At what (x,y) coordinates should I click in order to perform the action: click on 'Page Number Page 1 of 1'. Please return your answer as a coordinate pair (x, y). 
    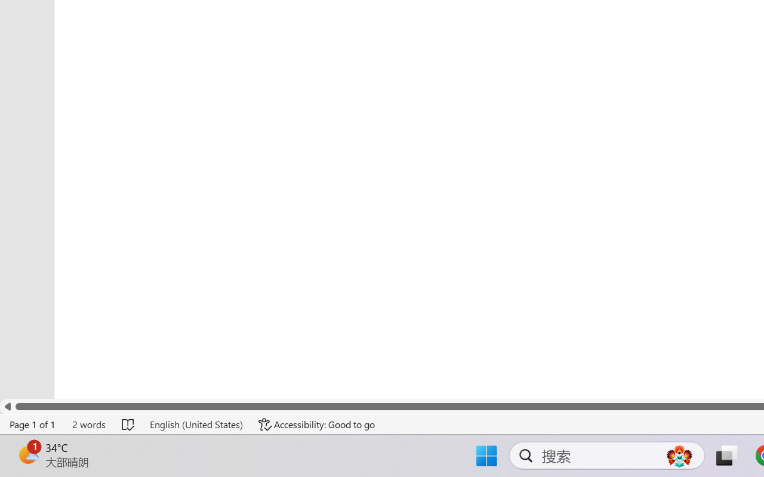
    Looking at the image, I should click on (33, 424).